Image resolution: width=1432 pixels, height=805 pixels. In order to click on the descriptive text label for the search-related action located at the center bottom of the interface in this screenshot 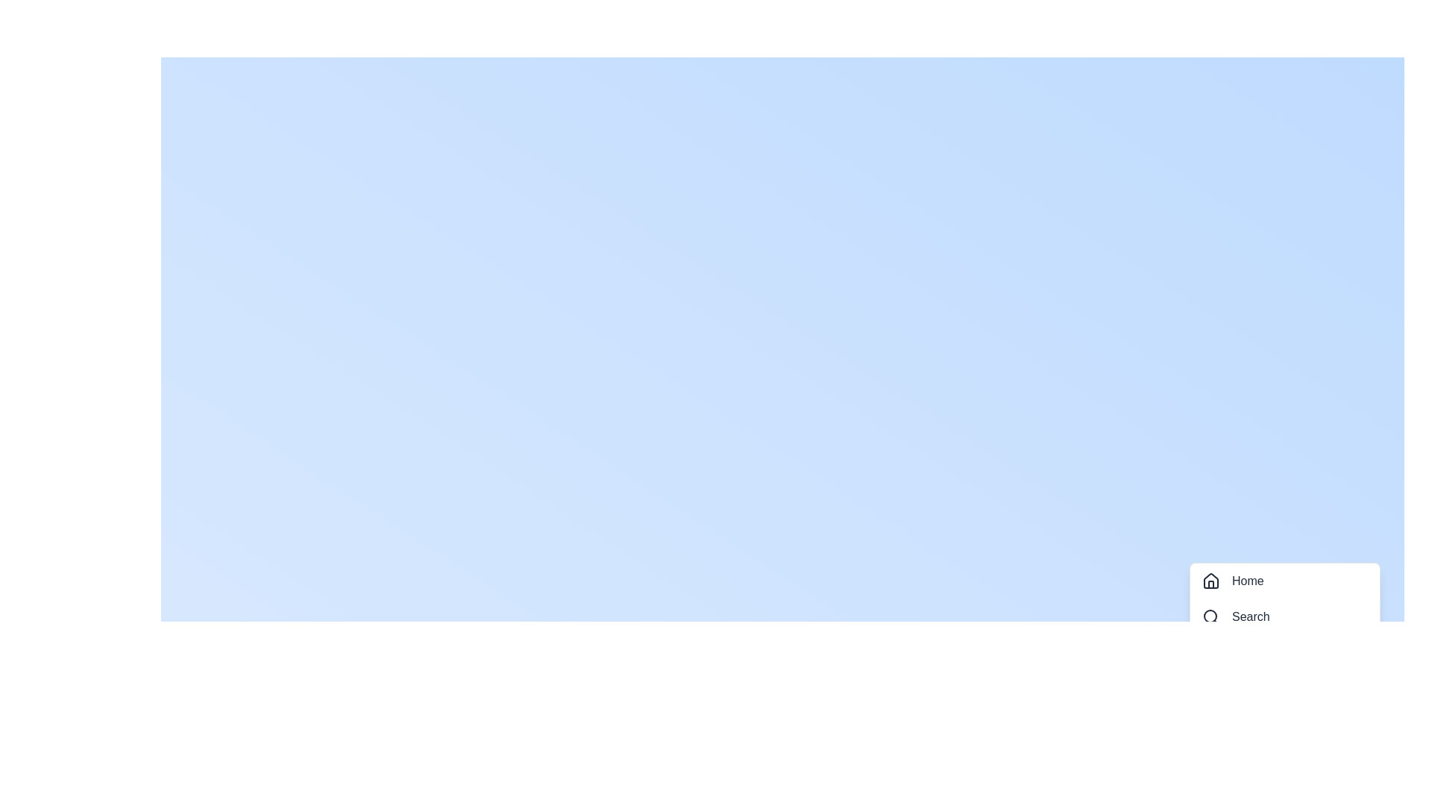, I will do `click(1251, 617)`.